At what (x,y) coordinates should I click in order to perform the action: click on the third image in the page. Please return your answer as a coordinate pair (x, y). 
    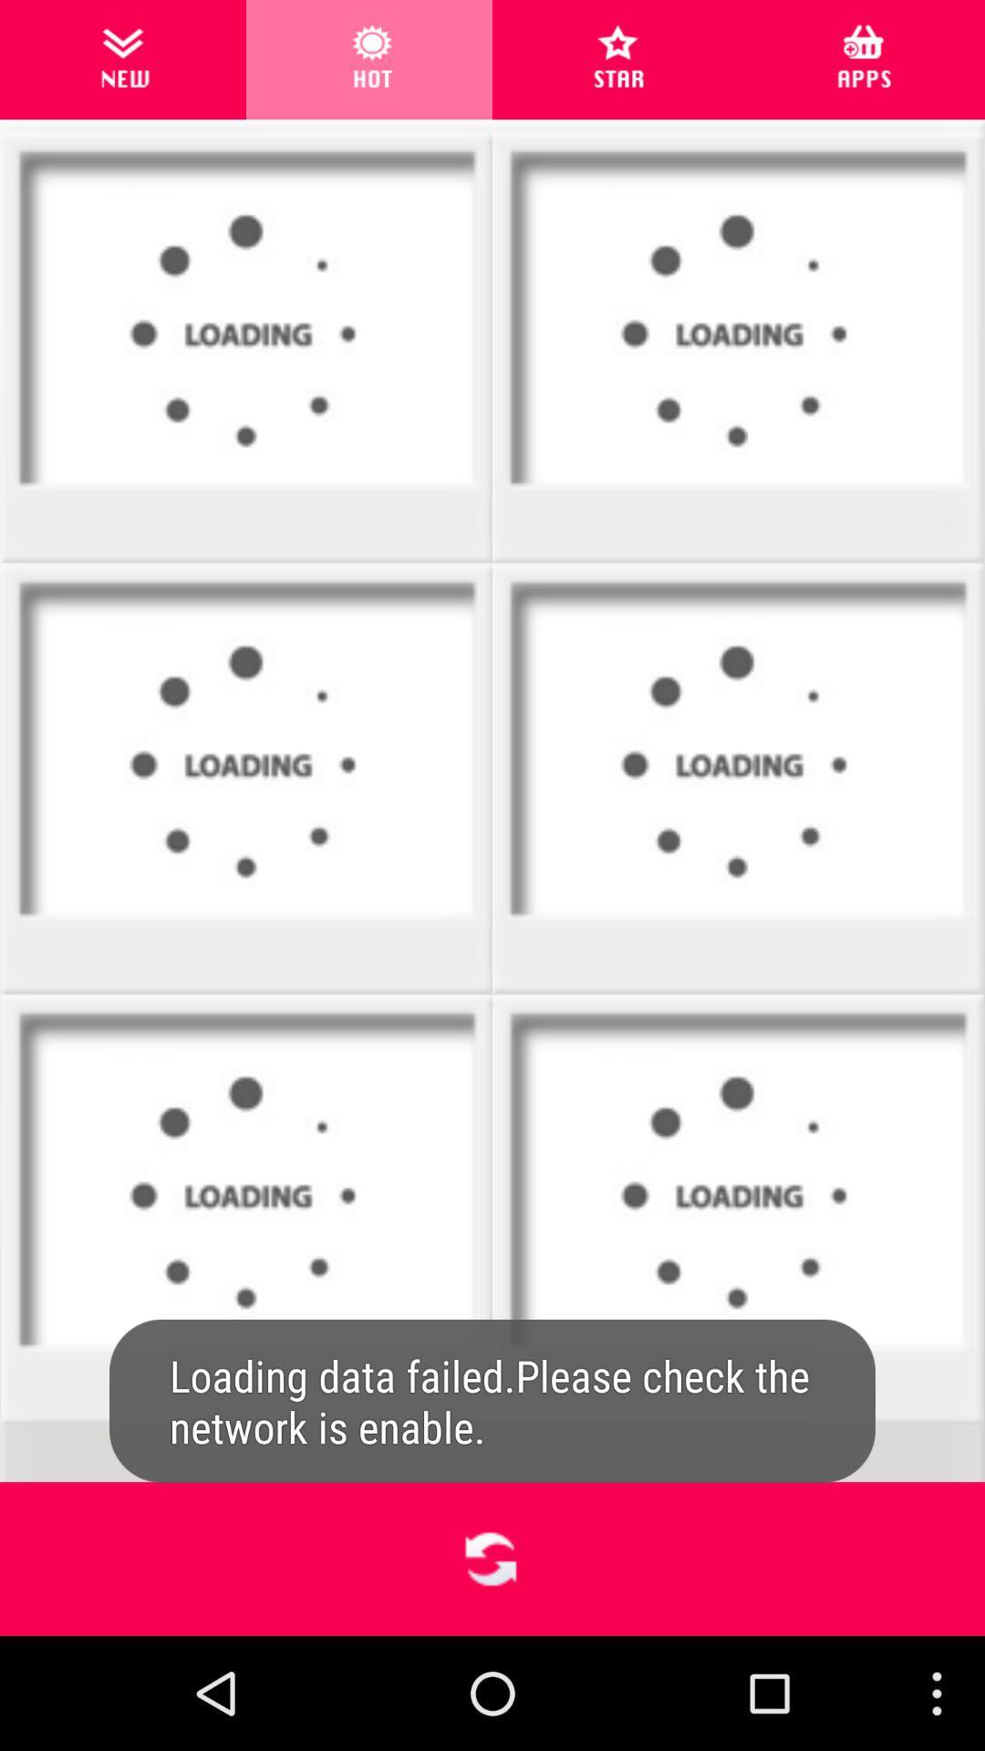
    Looking at the image, I should click on (246, 761).